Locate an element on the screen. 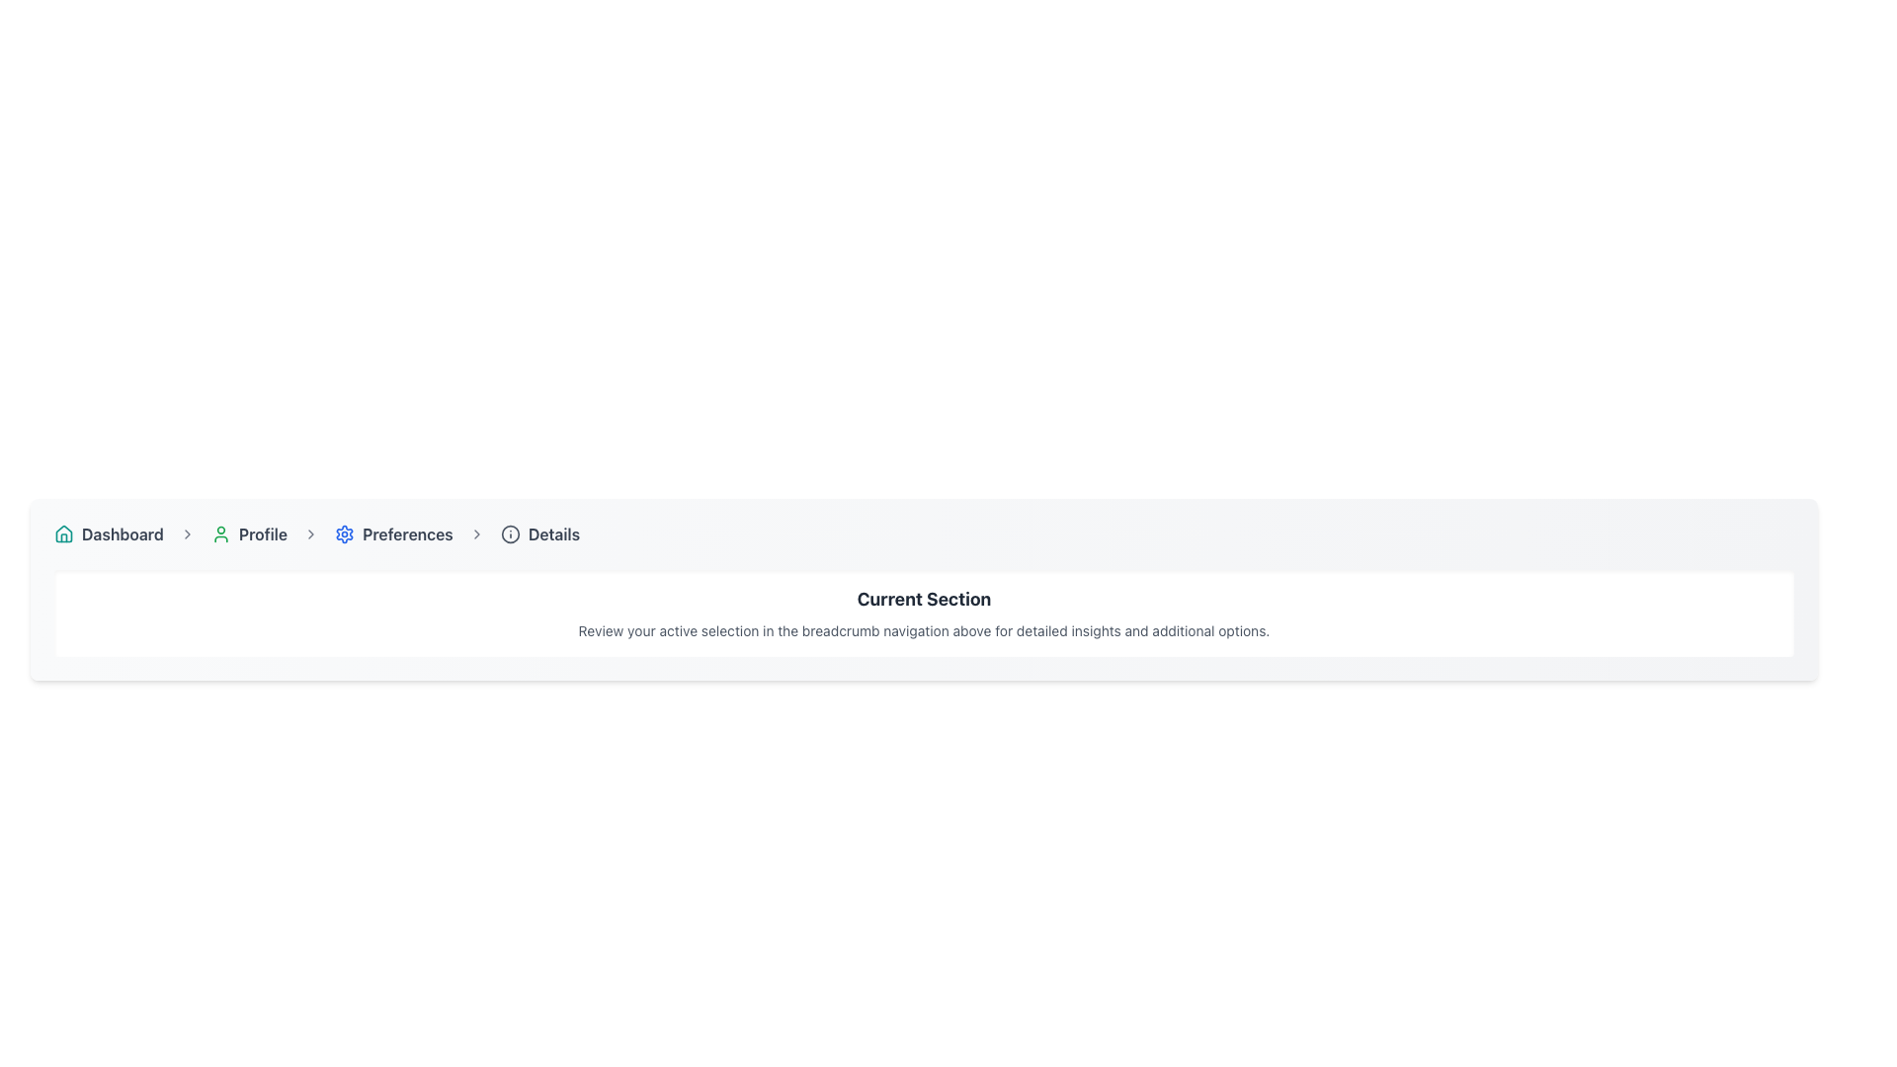  the breadcrumb link that navigates to the Profile section, which is the second item is located at coordinates (248, 533).